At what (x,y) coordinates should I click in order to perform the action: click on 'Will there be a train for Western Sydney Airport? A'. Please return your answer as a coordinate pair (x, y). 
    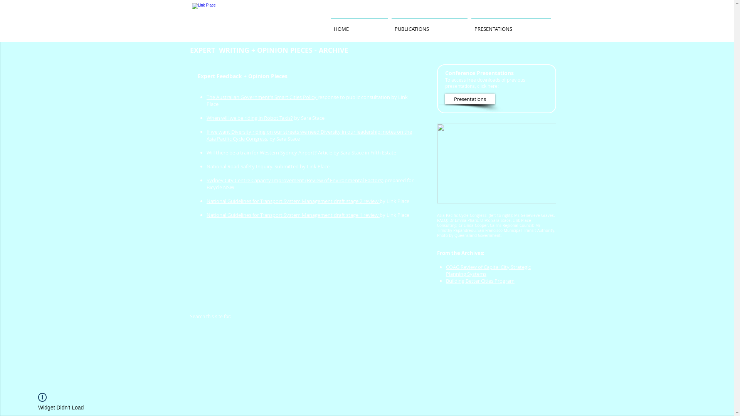
    Looking at the image, I should click on (264, 153).